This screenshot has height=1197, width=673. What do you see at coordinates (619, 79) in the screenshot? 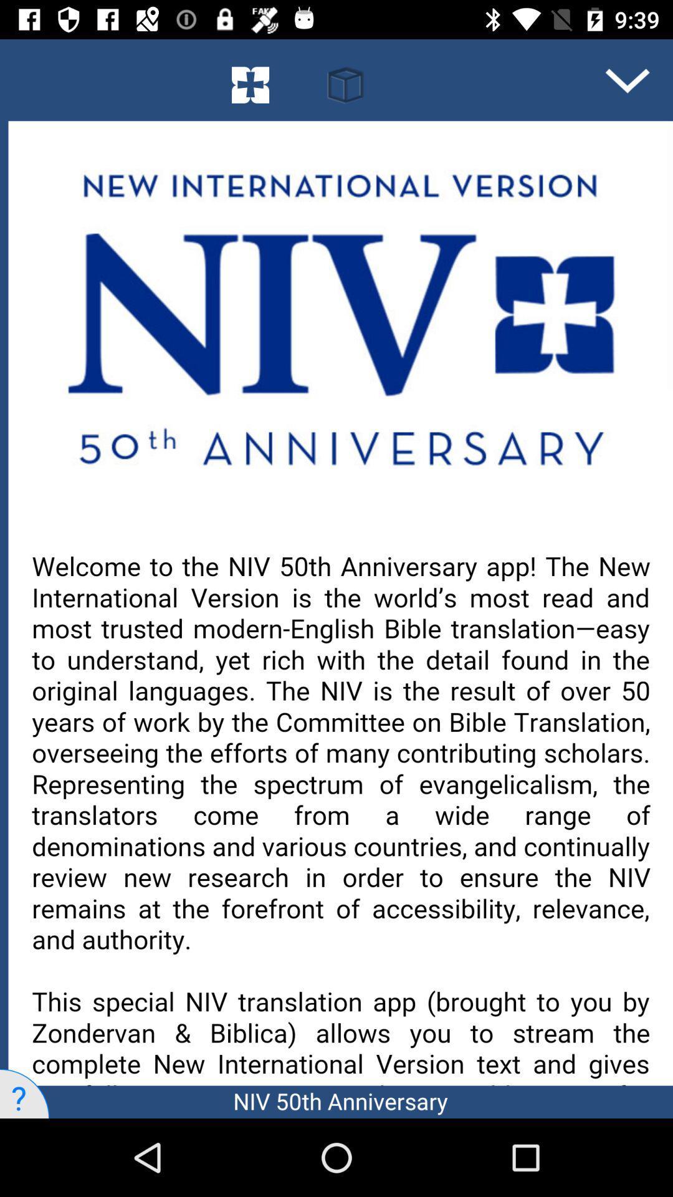
I see `the expand_more icon` at bounding box center [619, 79].